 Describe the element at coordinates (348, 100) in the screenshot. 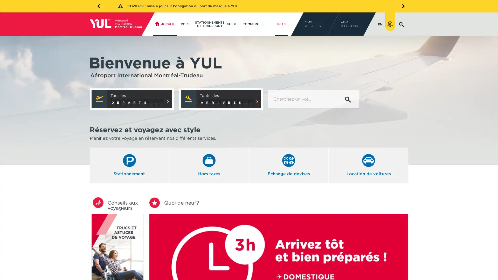

I see `Recherchez` at that location.